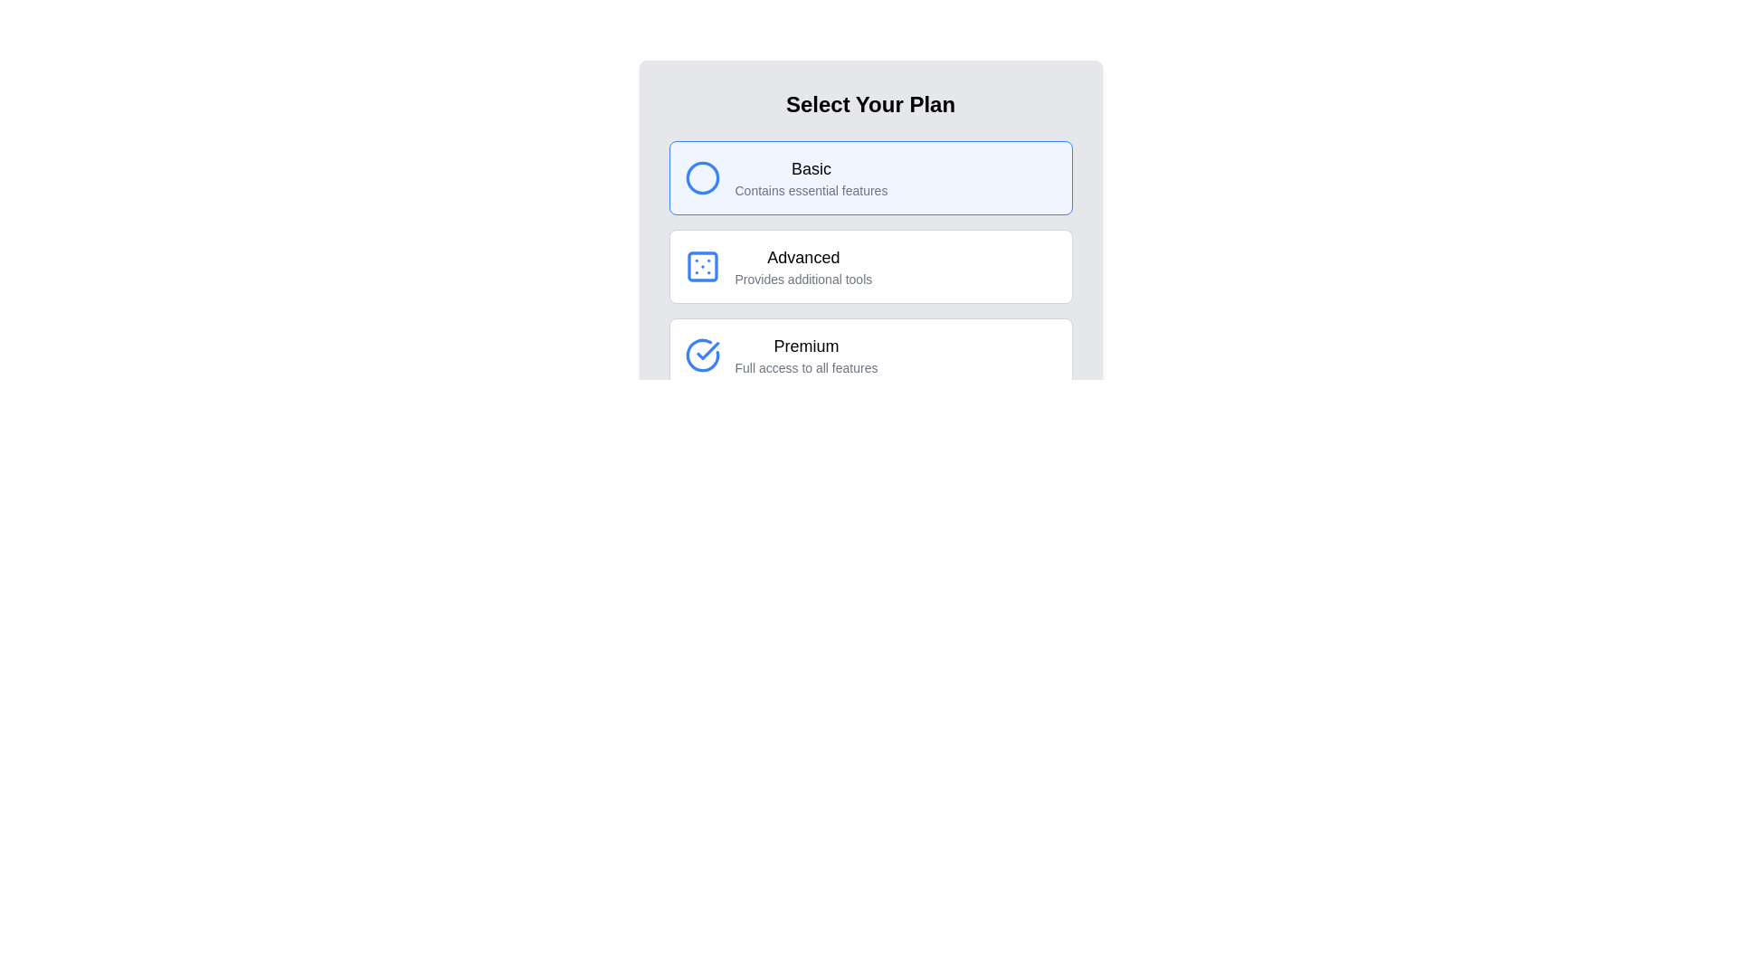  What do you see at coordinates (802, 258) in the screenshot?
I see `text displayed in the second option of the vertically stacked plan choices, located above the subtitle 'Provides additional tools' and next to the plan type icon` at bounding box center [802, 258].